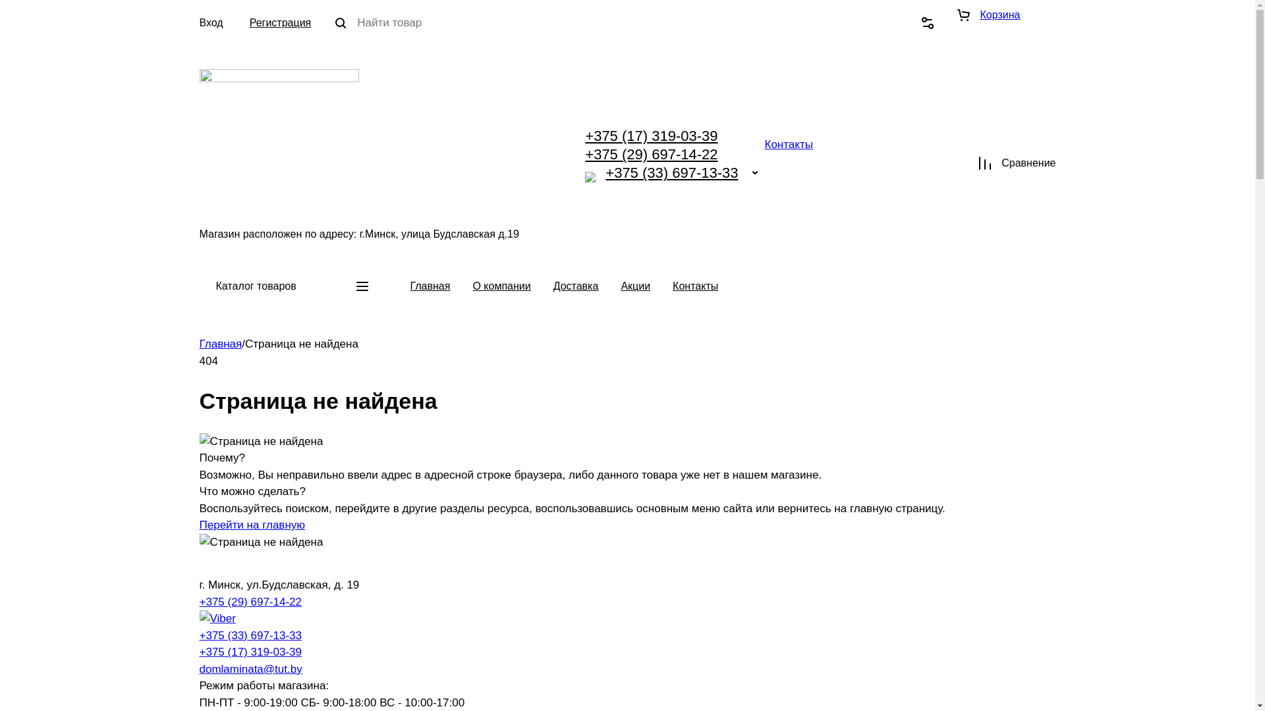 This screenshot has height=711, width=1265. What do you see at coordinates (590, 176) in the screenshot?
I see `'Viber'` at bounding box center [590, 176].